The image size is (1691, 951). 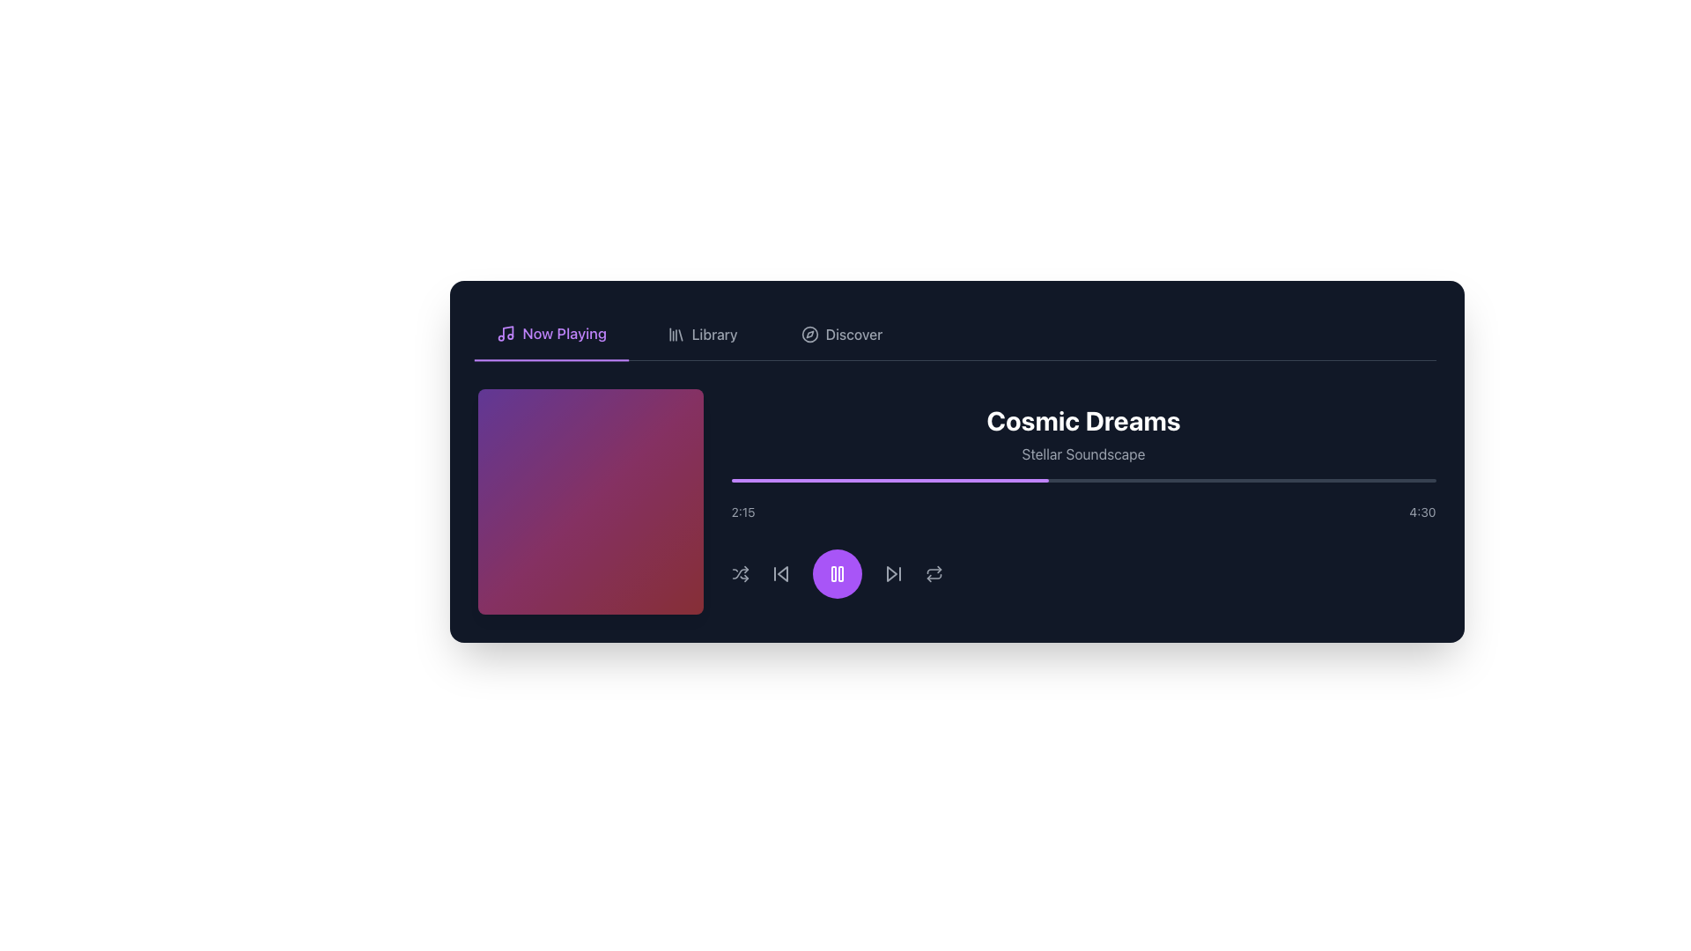 What do you see at coordinates (506, 332) in the screenshot?
I see `decorative vector graphic element that represents the music concept in the 'Now Playing' section for debugging purposes` at bounding box center [506, 332].